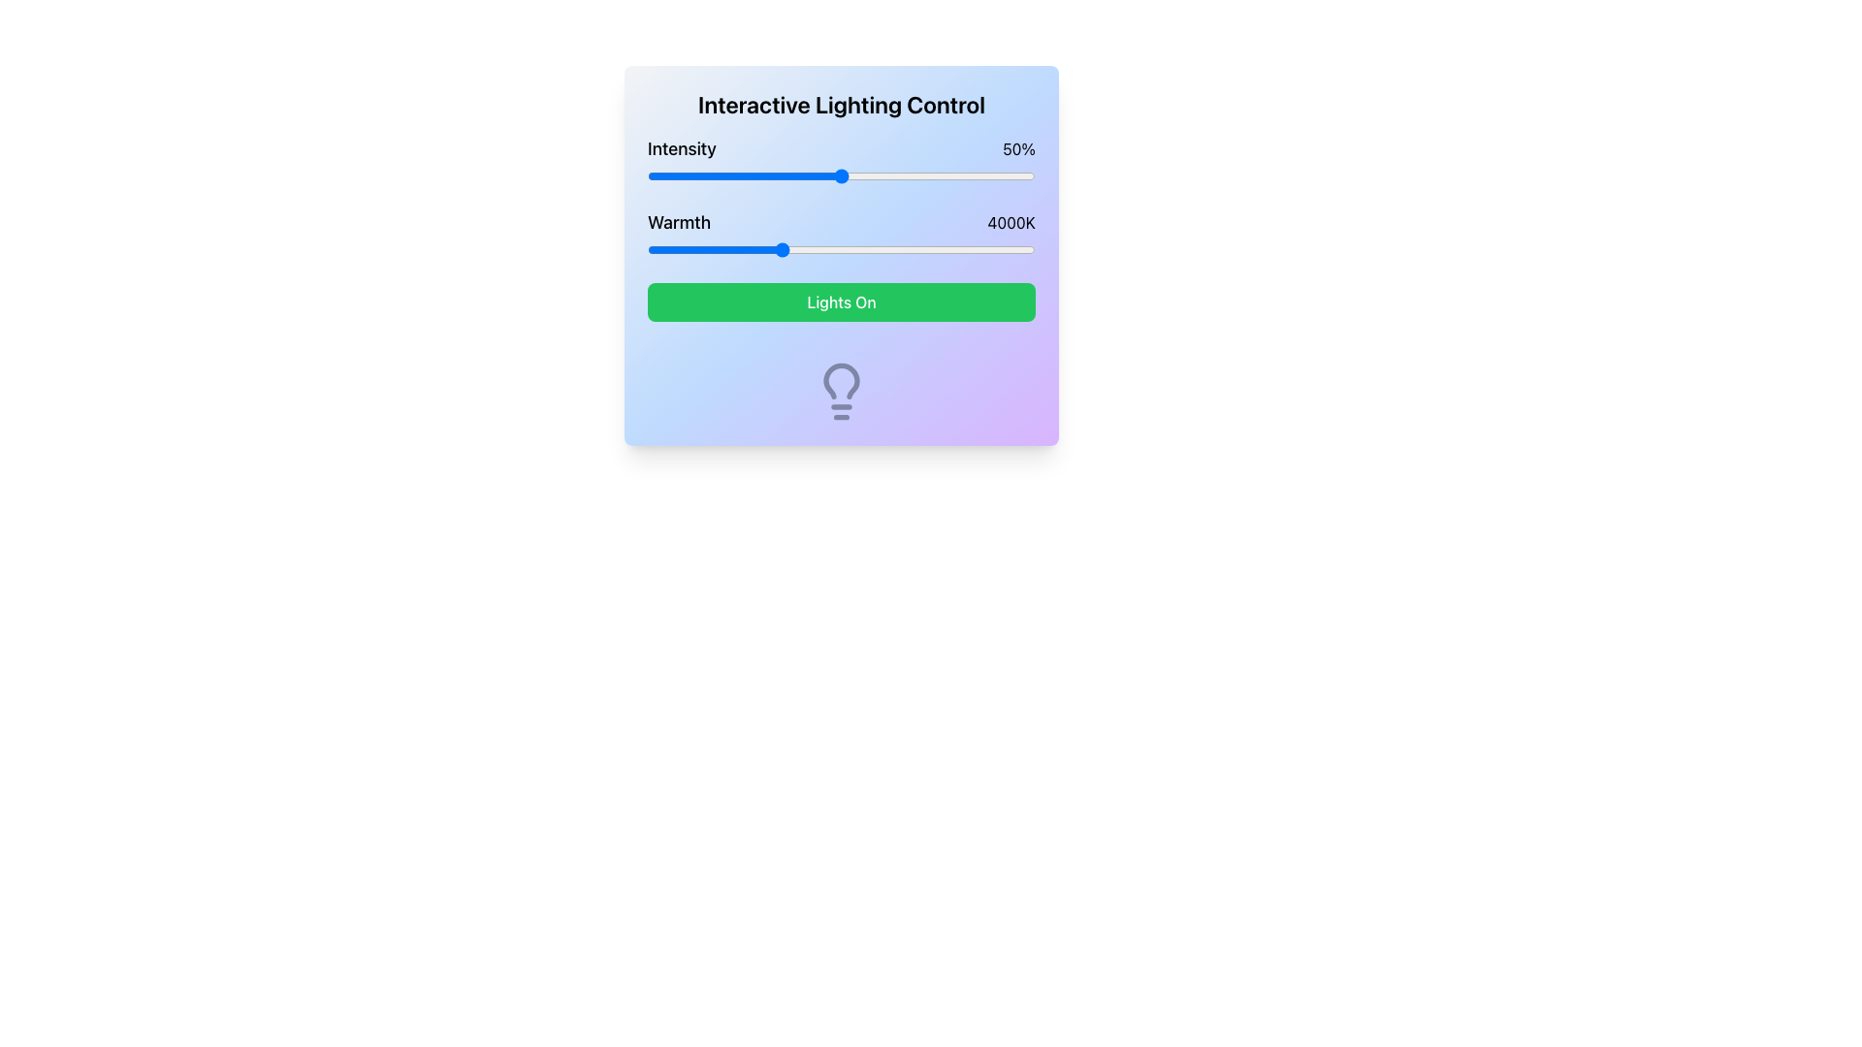 The height and width of the screenshot is (1047, 1862). Describe the element at coordinates (711, 249) in the screenshot. I see `warmth` at that location.